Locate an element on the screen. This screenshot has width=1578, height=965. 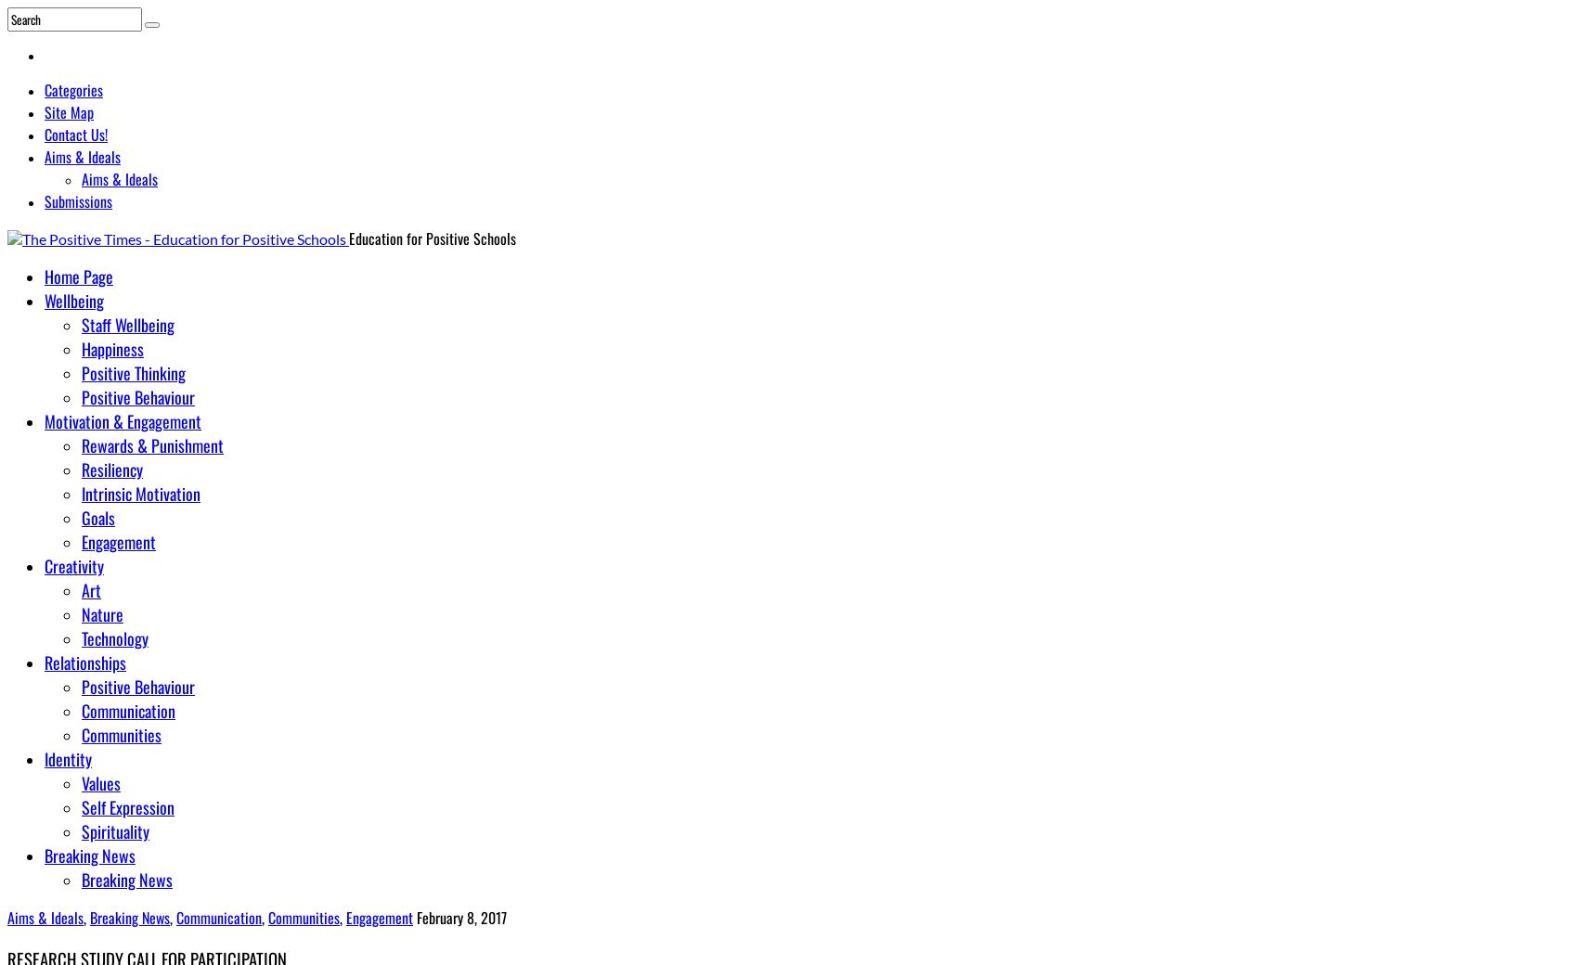
'Resiliency' is located at coordinates (111, 469).